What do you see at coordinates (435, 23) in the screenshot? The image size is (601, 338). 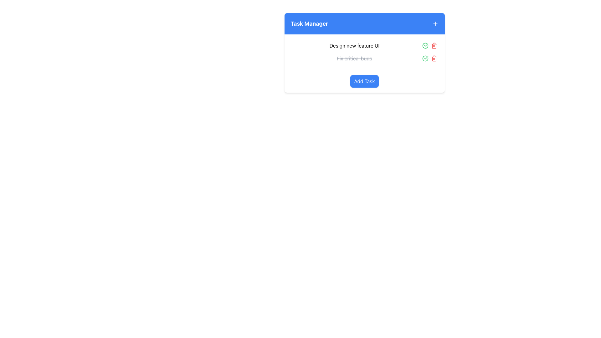 I see `the plus-shaped icon located on the rightmost side of the blue header bar labeled 'Task Manager'` at bounding box center [435, 23].